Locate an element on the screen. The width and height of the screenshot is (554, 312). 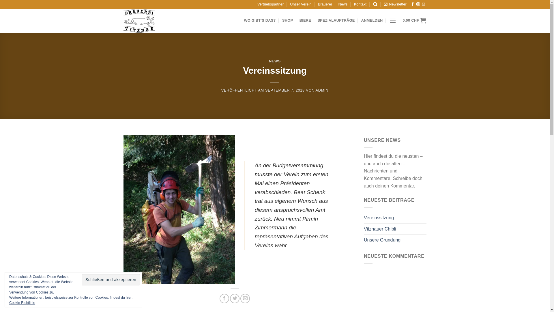
'BIERE' is located at coordinates (305, 20).